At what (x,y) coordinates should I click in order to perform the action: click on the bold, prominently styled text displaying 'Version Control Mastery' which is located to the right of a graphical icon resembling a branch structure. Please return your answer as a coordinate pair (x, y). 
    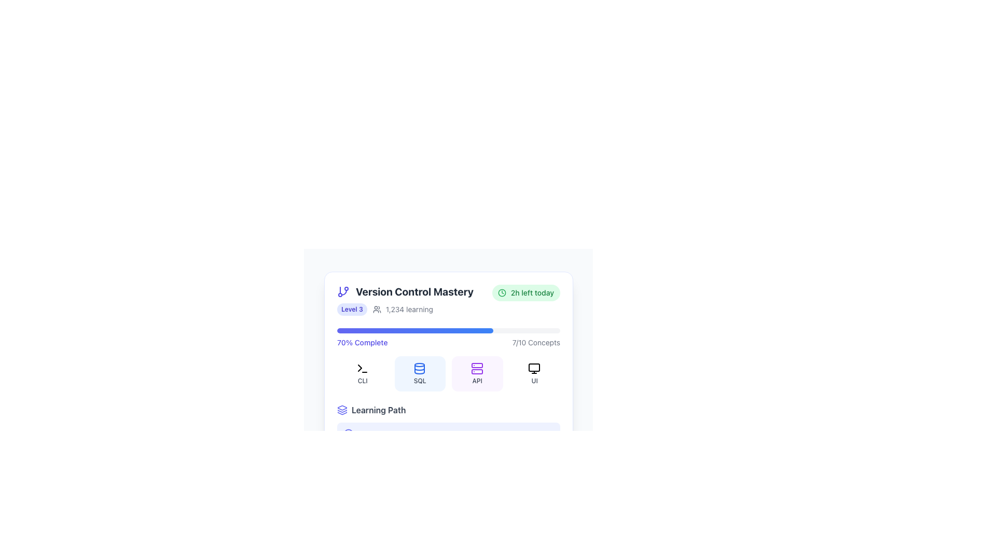
    Looking at the image, I should click on (413, 292).